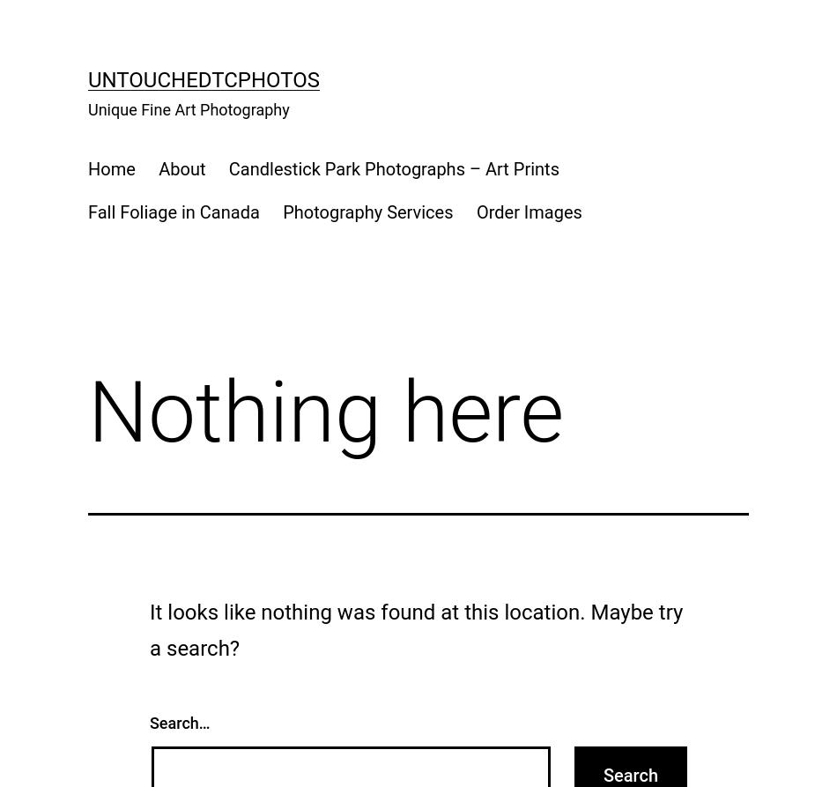  Describe the element at coordinates (130, 163) in the screenshot. I see `'No results found'` at that location.